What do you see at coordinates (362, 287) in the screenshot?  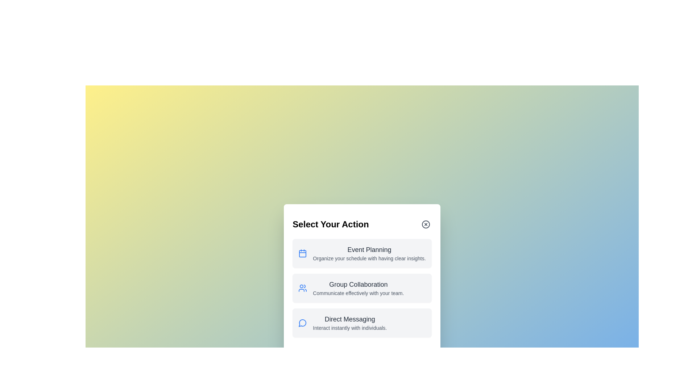 I see `the card corresponding to Group Collaboration` at bounding box center [362, 287].